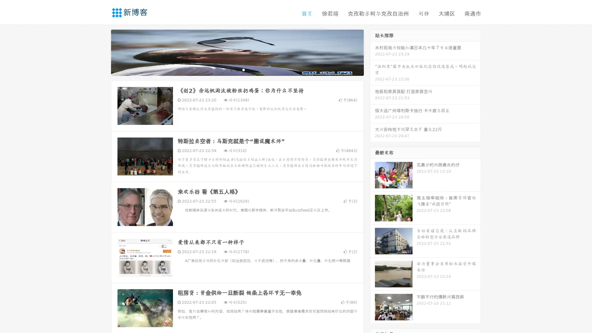 The image size is (592, 333). I want to click on Next slide, so click(372, 52).